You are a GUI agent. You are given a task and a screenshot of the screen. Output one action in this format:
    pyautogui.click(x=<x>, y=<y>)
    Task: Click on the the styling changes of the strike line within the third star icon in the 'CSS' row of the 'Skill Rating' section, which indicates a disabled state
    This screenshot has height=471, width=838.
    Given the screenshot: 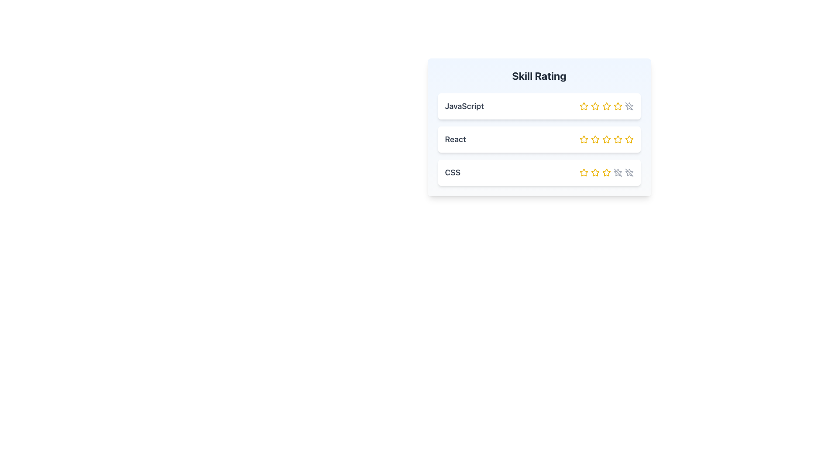 What is the action you would take?
    pyautogui.click(x=629, y=173)
    